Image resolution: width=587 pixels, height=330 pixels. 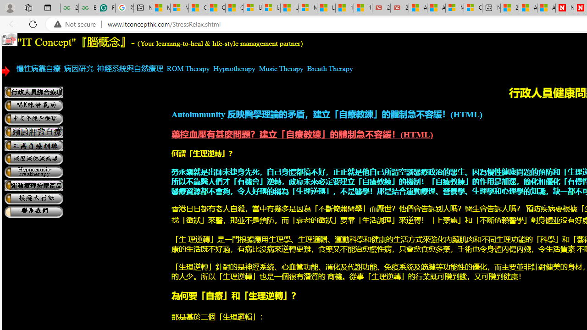 What do you see at coordinates (399, 8) in the screenshot?
I see `'21 Movies That Outdid the Books They Were Based On'` at bounding box center [399, 8].